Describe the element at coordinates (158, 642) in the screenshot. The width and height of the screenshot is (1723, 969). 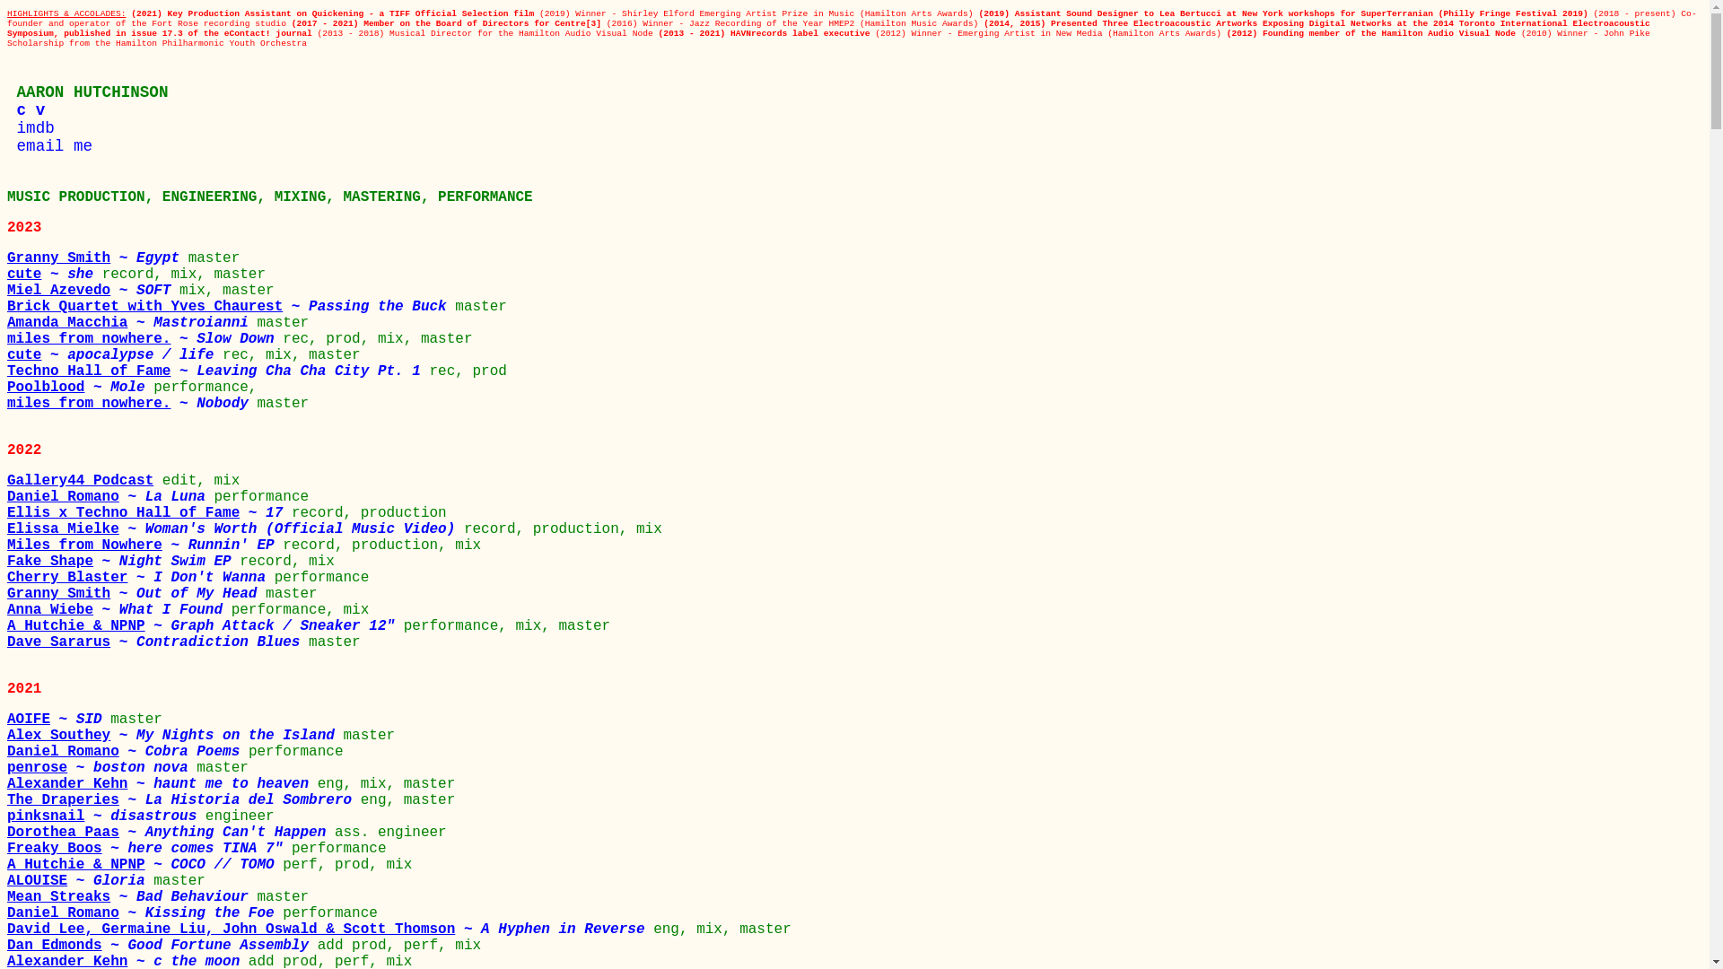
I see `'Dave Sararus ~ Contradiction Blues'` at that location.